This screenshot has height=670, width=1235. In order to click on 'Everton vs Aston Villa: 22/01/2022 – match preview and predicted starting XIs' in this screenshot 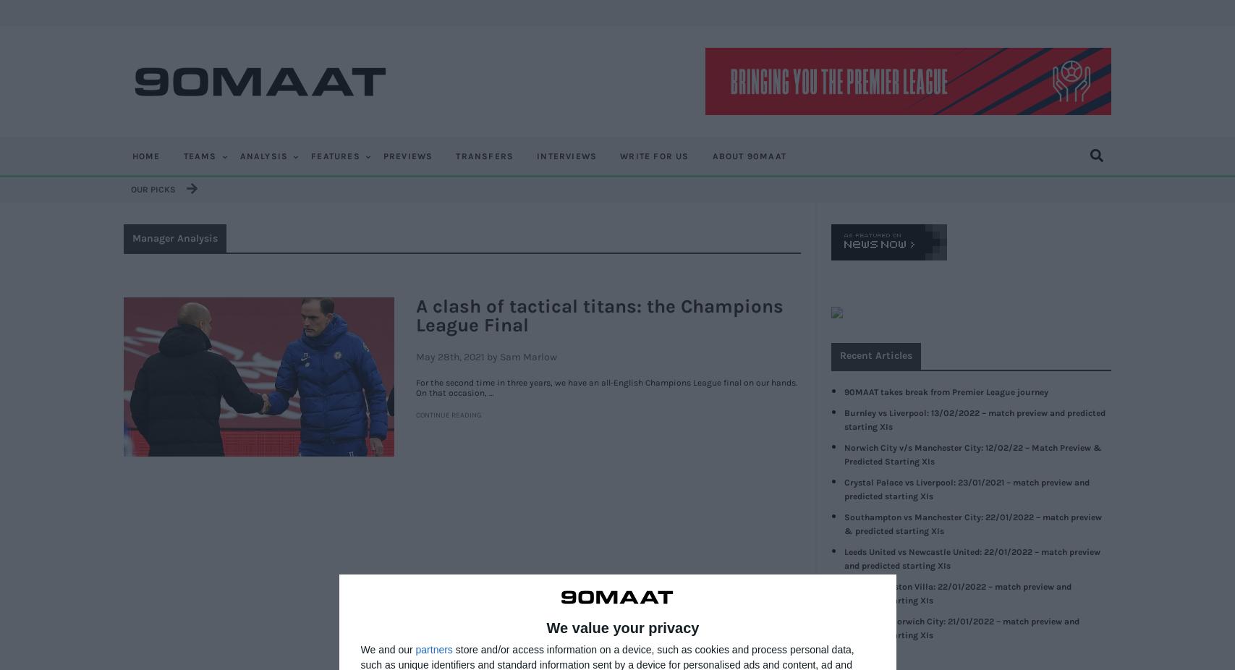, I will do `click(956, 593)`.